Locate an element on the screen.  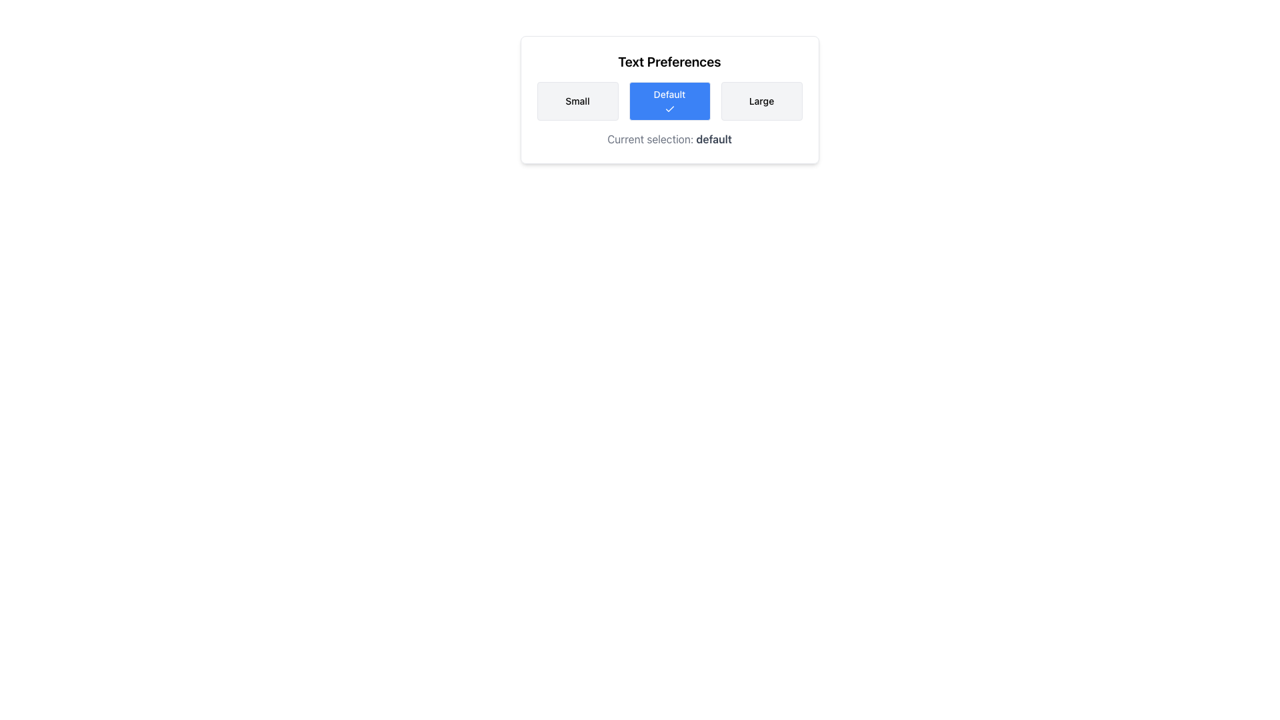
the selection status represented by the confirmation icon located at the bottom-center of the 'Default' button in the text size selection group is located at coordinates (669, 109).